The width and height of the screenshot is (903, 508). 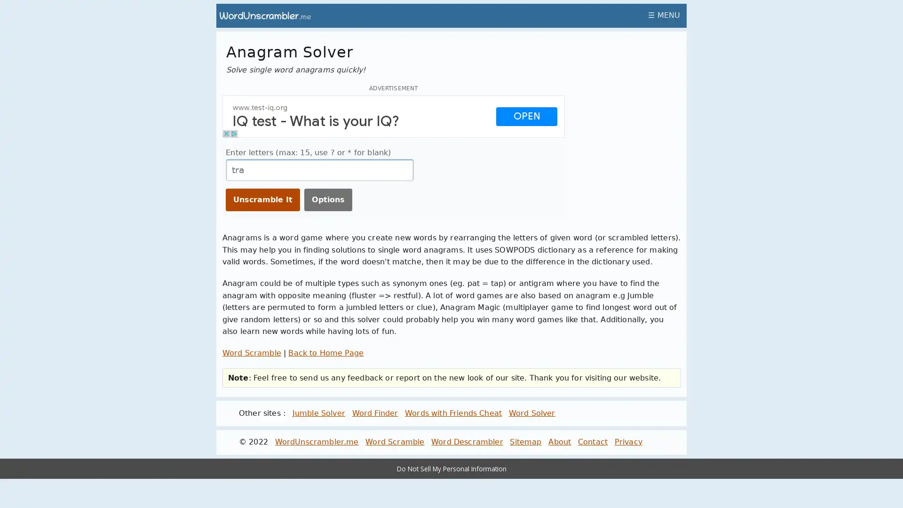 I want to click on Unscramble It, so click(x=262, y=199).